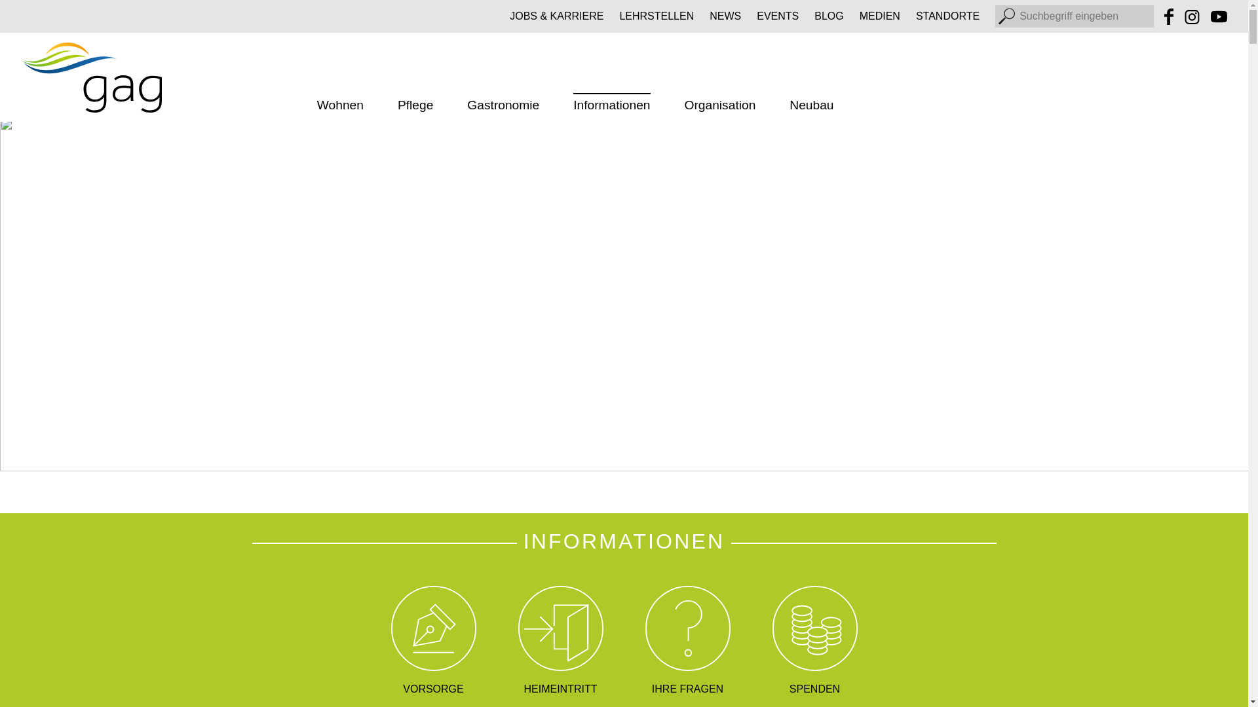 This screenshot has width=1258, height=707. What do you see at coordinates (414, 105) in the screenshot?
I see `'Pflege'` at bounding box center [414, 105].